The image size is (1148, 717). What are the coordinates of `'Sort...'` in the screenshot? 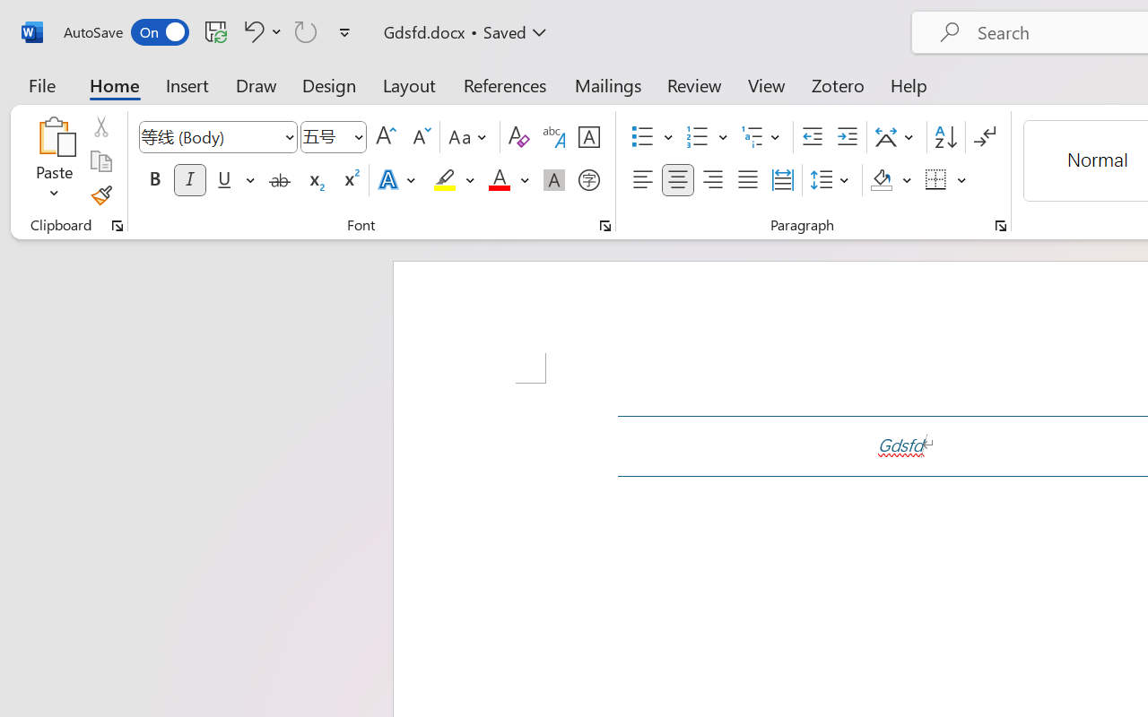 It's located at (944, 137).